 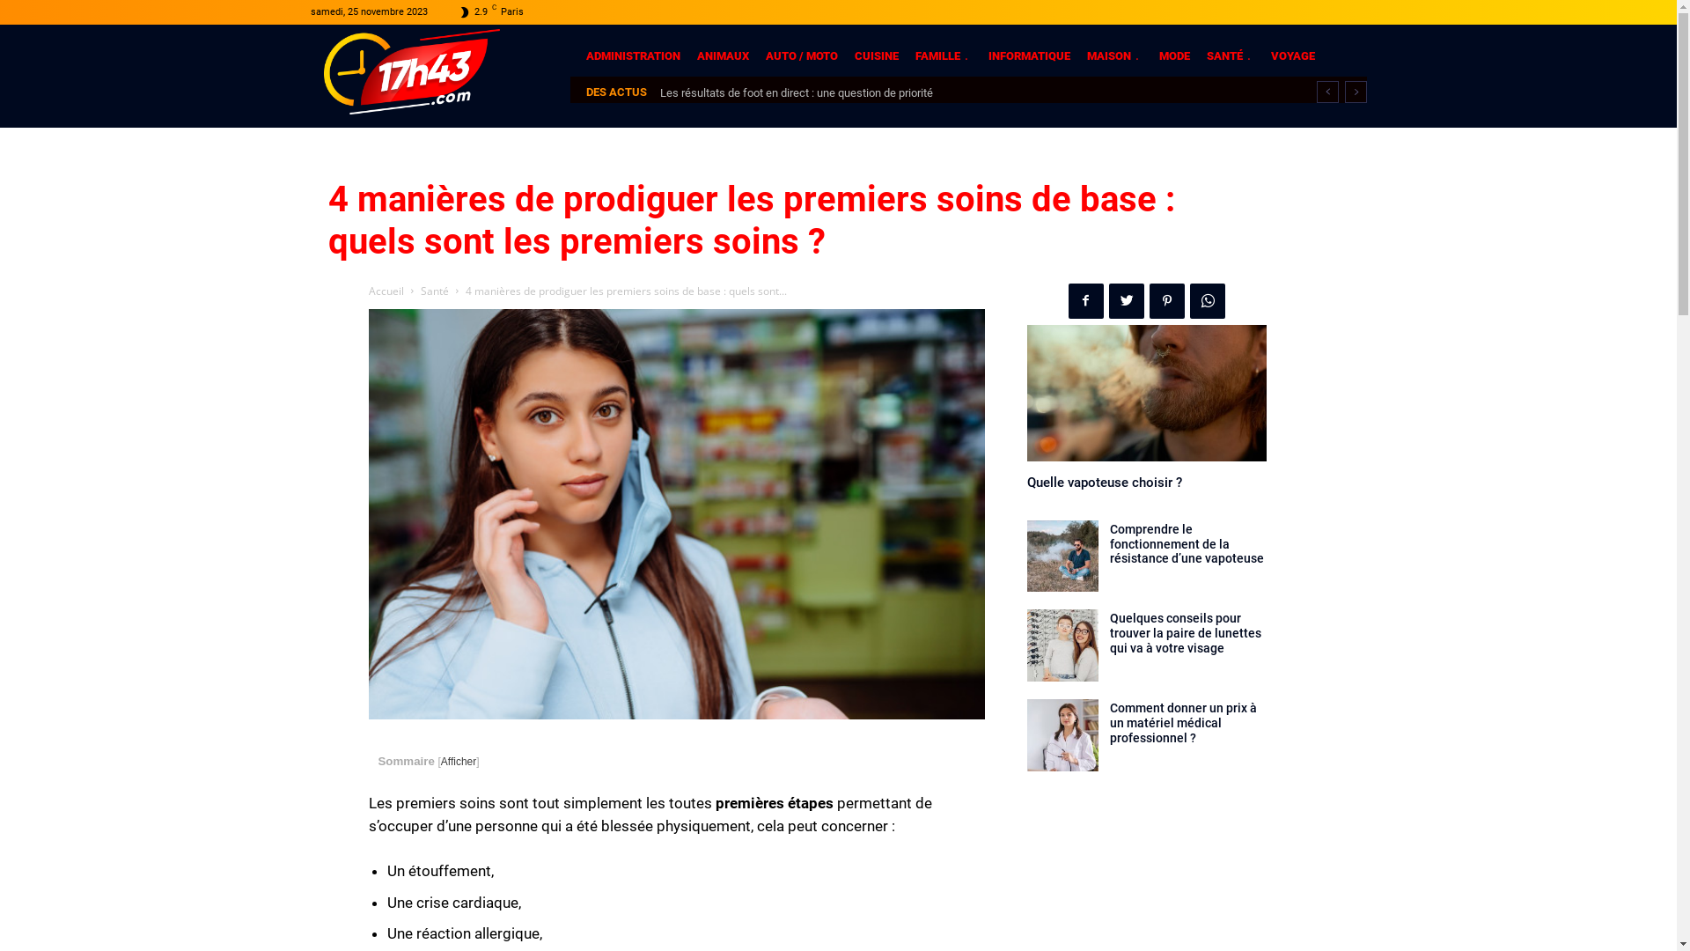 What do you see at coordinates (875, 55) in the screenshot?
I see `'CUISINE'` at bounding box center [875, 55].